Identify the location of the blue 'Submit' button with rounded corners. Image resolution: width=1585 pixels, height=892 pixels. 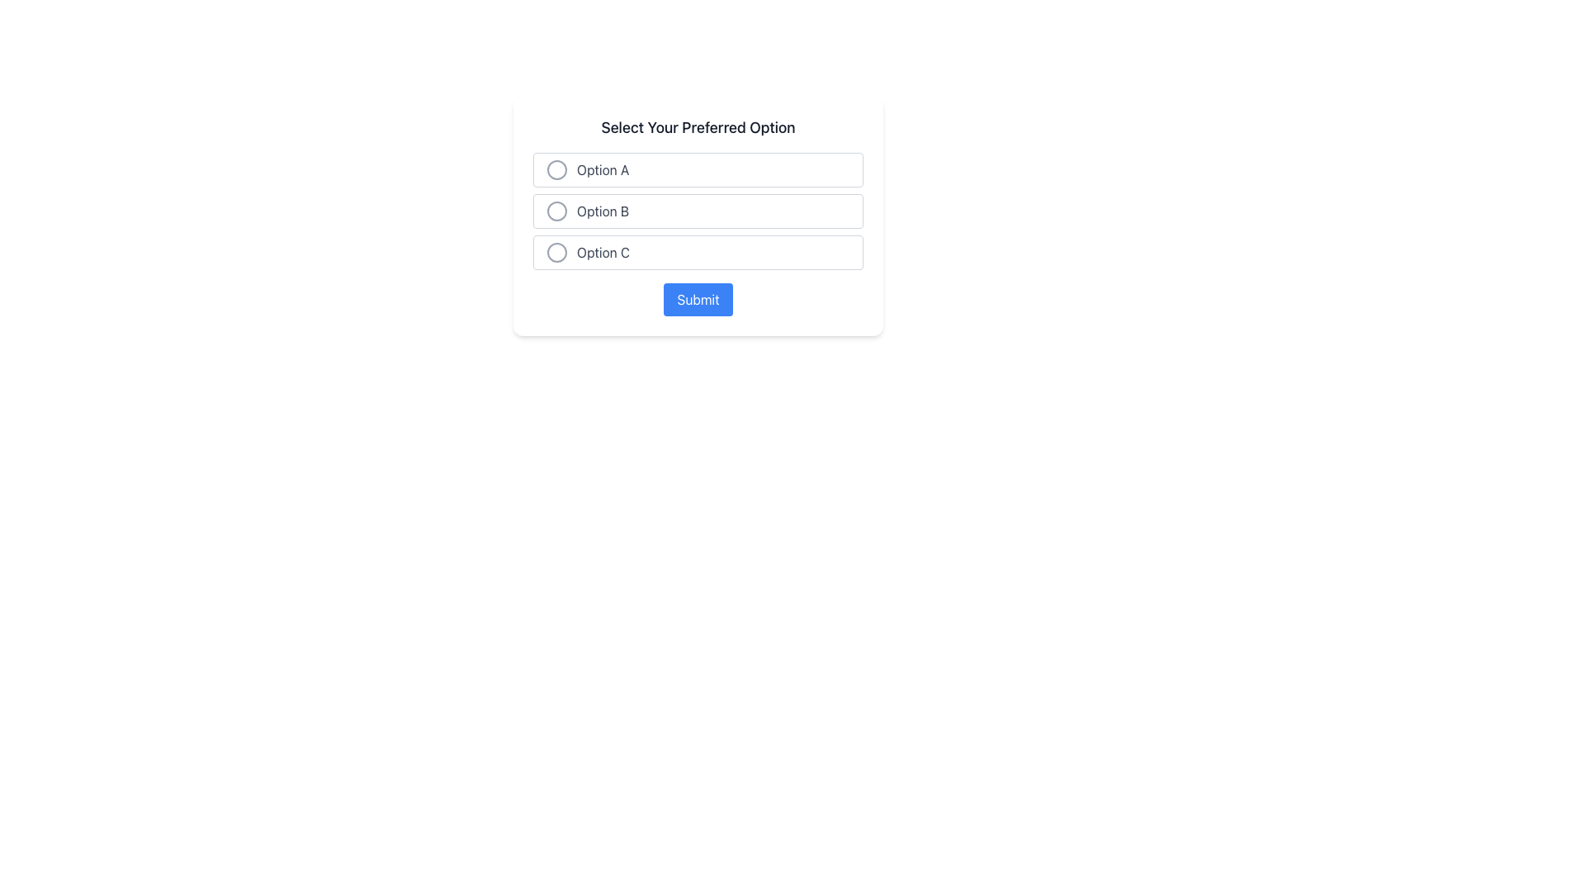
(698, 299).